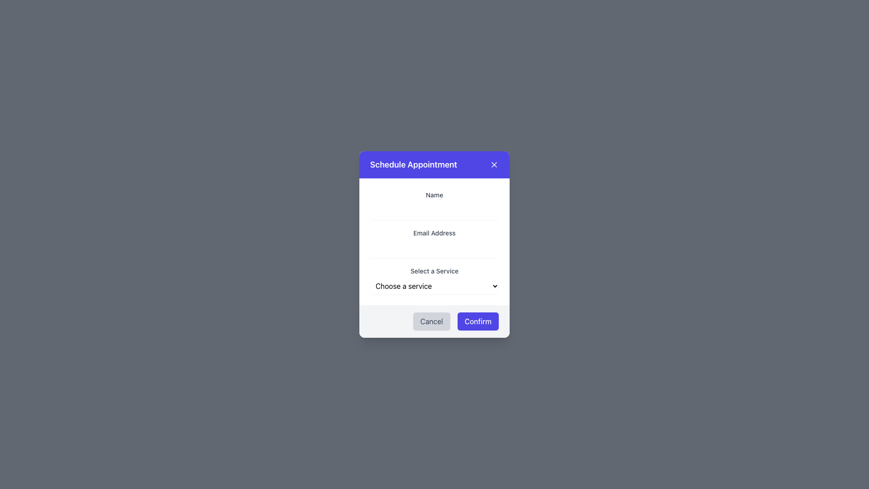 The width and height of the screenshot is (869, 489). What do you see at coordinates (494, 164) in the screenshot?
I see `the close button represented by an 'X' symbol located in the top-right corner of the indigo header of the modal dialog` at bounding box center [494, 164].